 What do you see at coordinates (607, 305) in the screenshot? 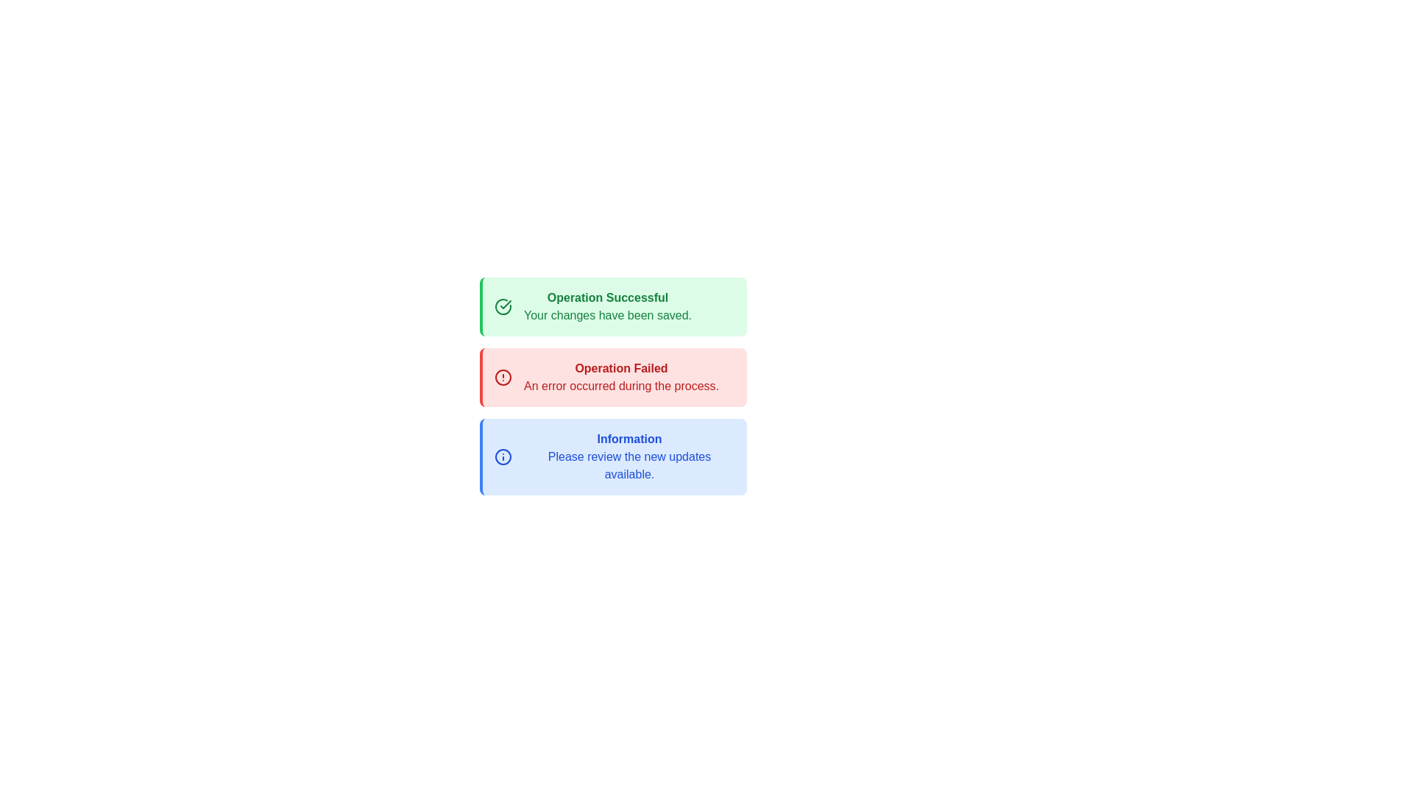
I see `the success notification message displayed in the topmost light green notification box, which indicates that changes have been saved` at bounding box center [607, 305].